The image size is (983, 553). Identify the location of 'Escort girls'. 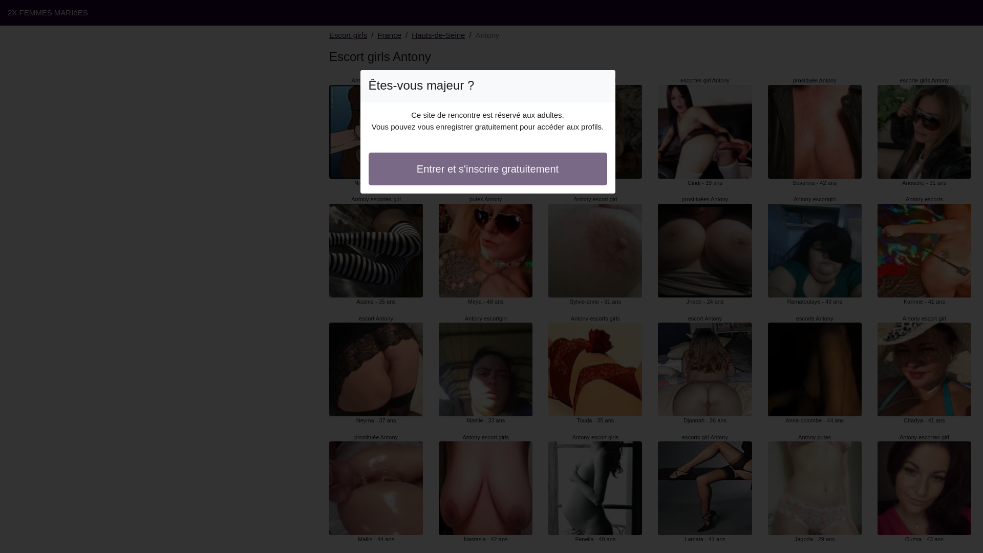
(348, 35).